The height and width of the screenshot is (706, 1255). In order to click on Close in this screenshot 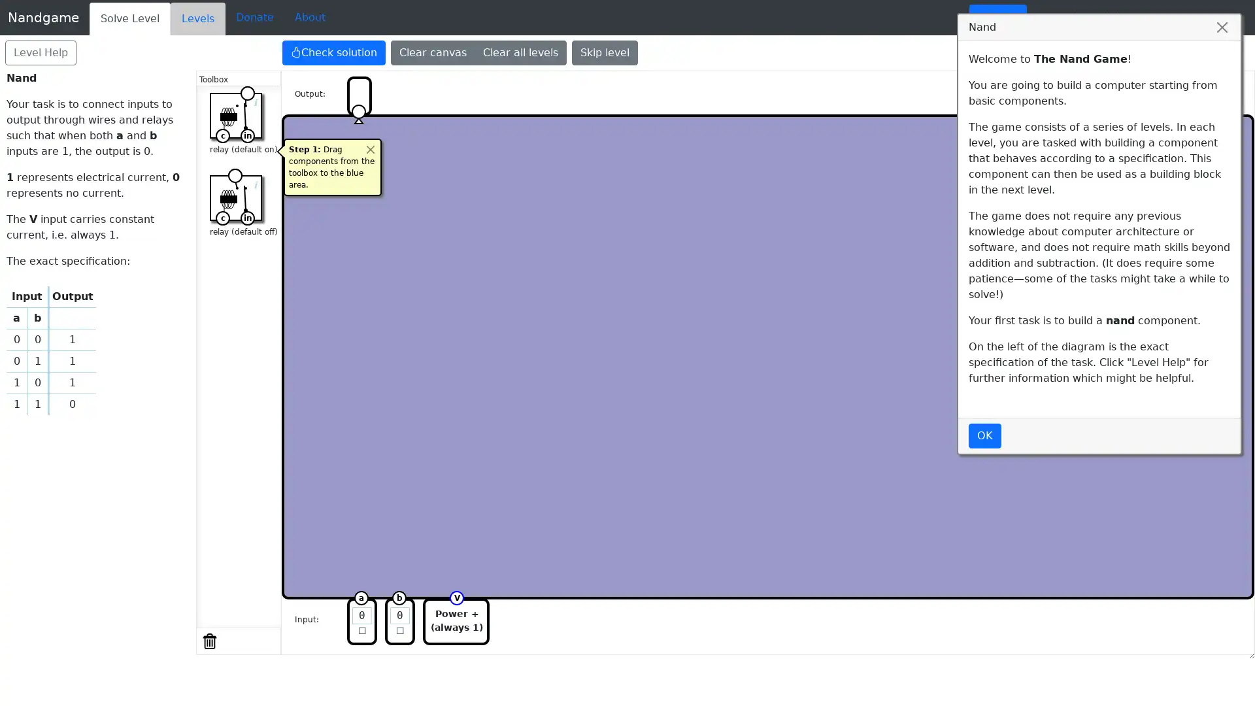, I will do `click(369, 148)`.